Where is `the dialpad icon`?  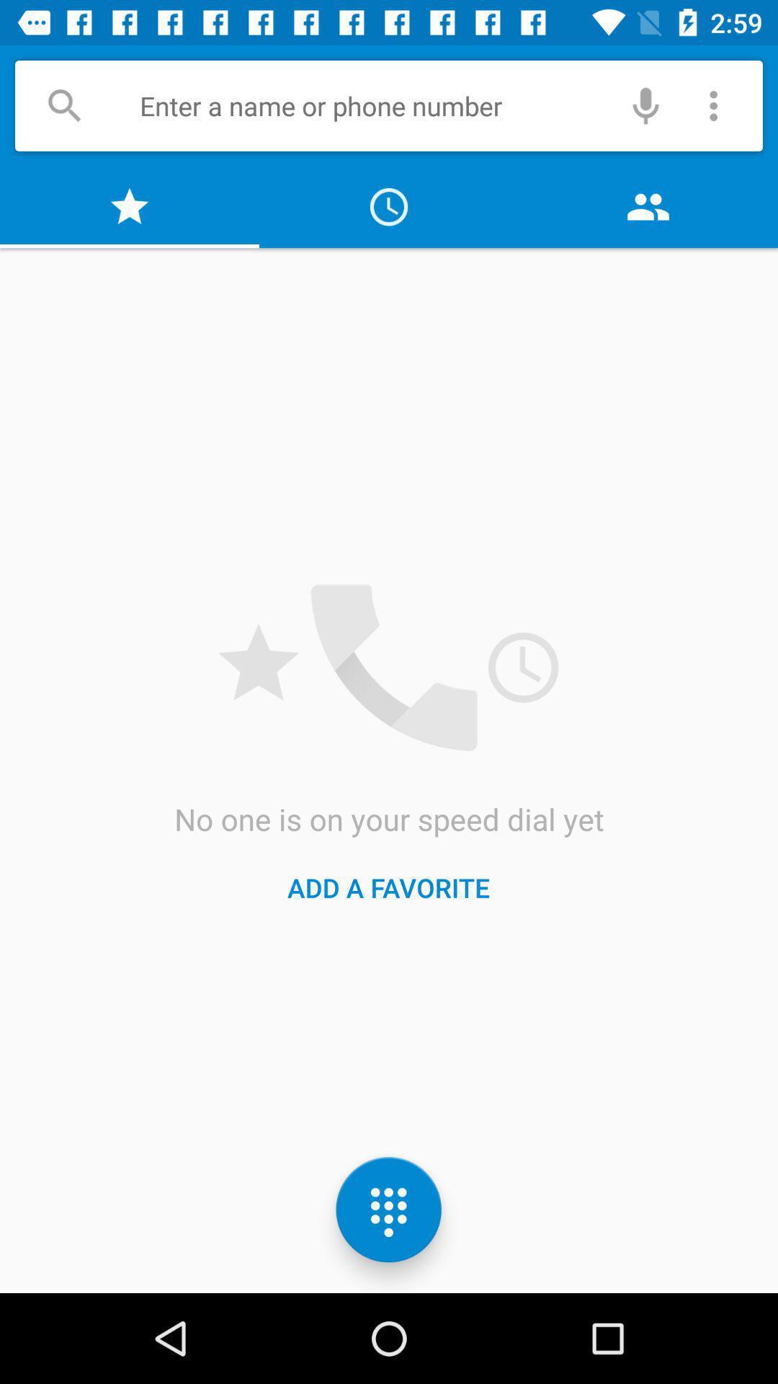
the dialpad icon is located at coordinates (389, 1210).